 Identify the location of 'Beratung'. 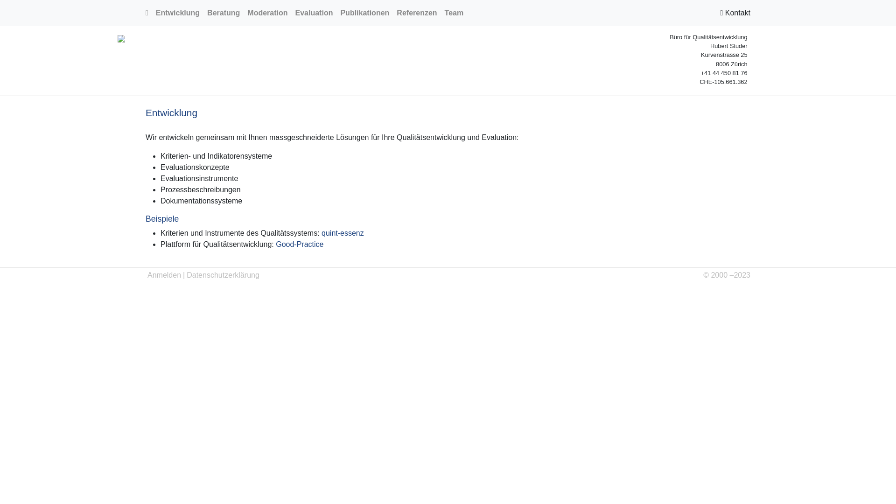
(203, 13).